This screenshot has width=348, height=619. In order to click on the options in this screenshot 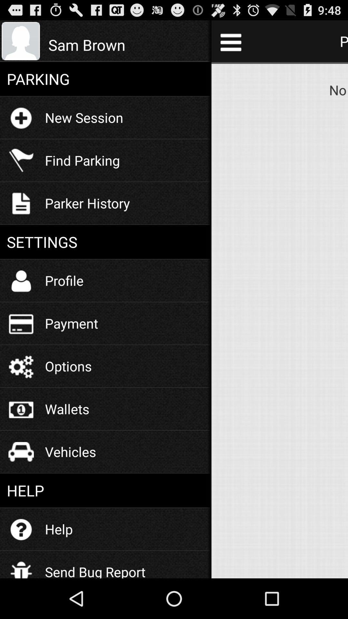, I will do `click(68, 366)`.